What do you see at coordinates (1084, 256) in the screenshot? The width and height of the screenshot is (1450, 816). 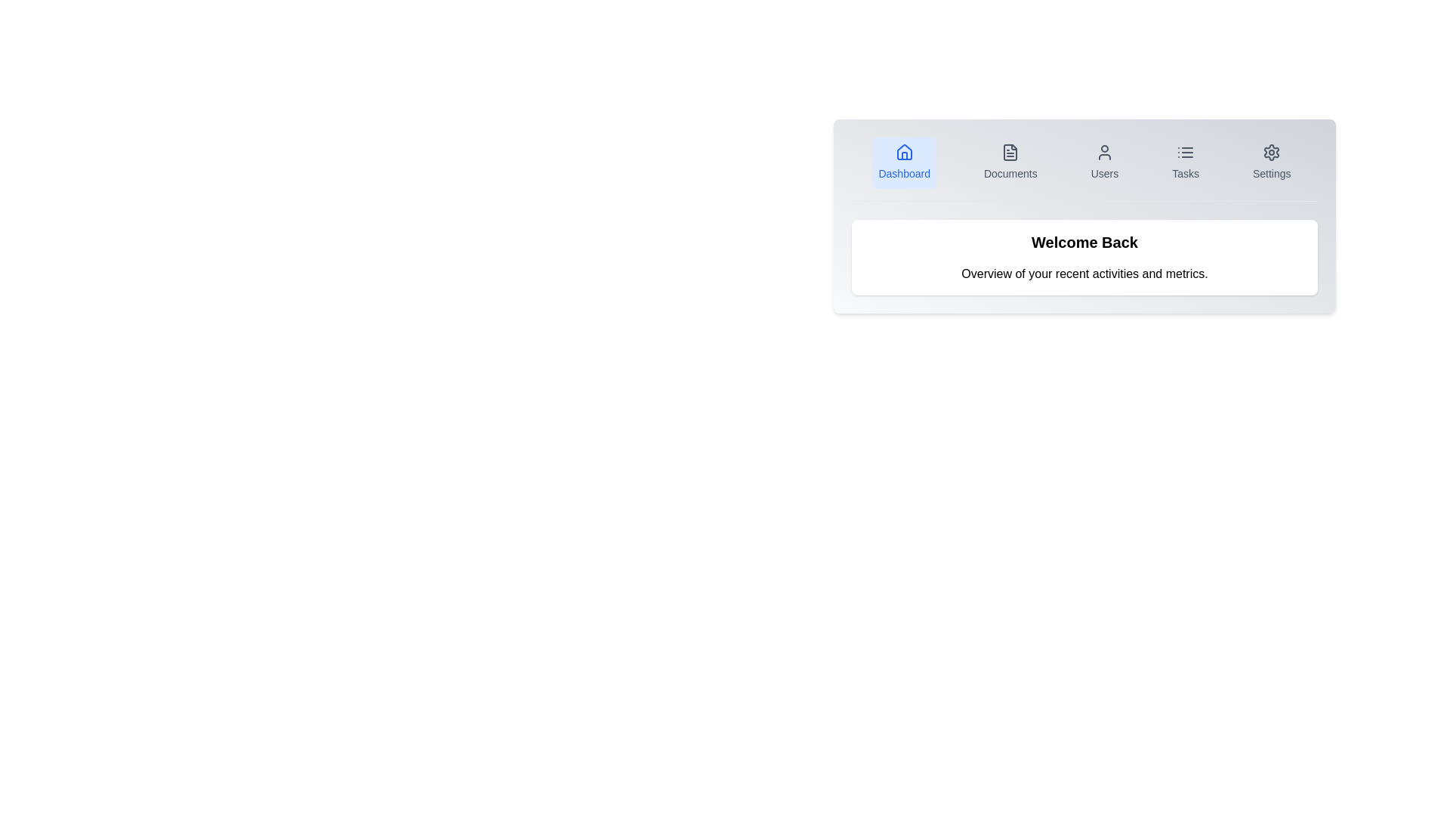 I see `the Informational card located in the middle-bottom region of the interface, below the navigation section` at bounding box center [1084, 256].